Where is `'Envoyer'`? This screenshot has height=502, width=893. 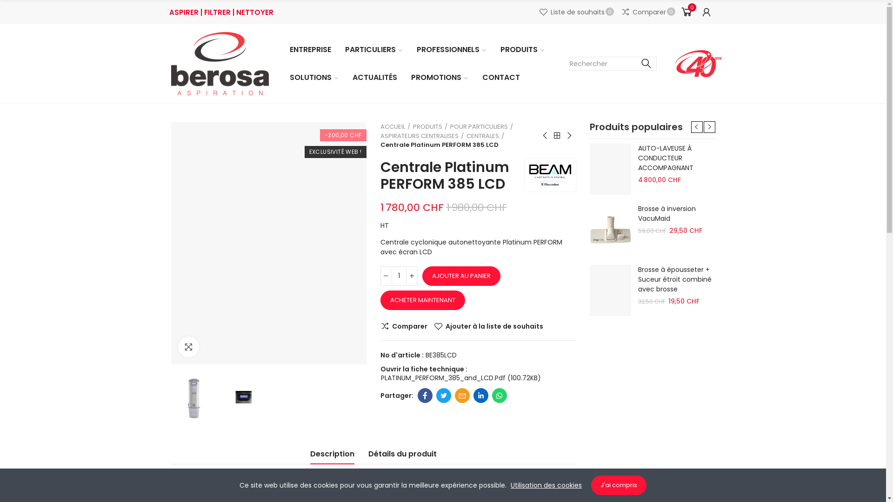
'Envoyer' is located at coordinates (474, 390).